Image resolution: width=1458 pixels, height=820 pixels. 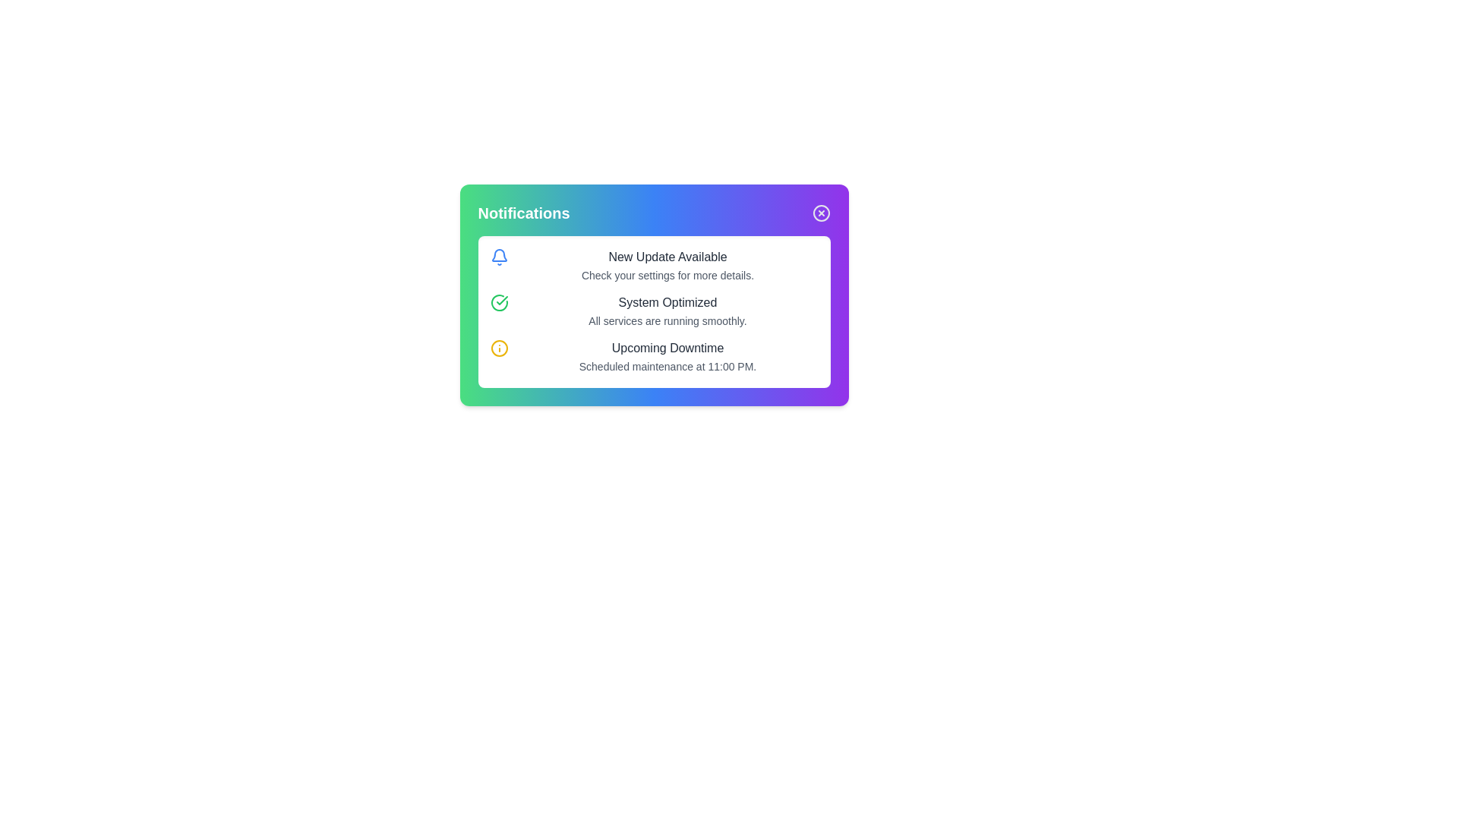 What do you see at coordinates (820, 213) in the screenshot?
I see `the close button represented by a white 'X' inside a circular boundary` at bounding box center [820, 213].